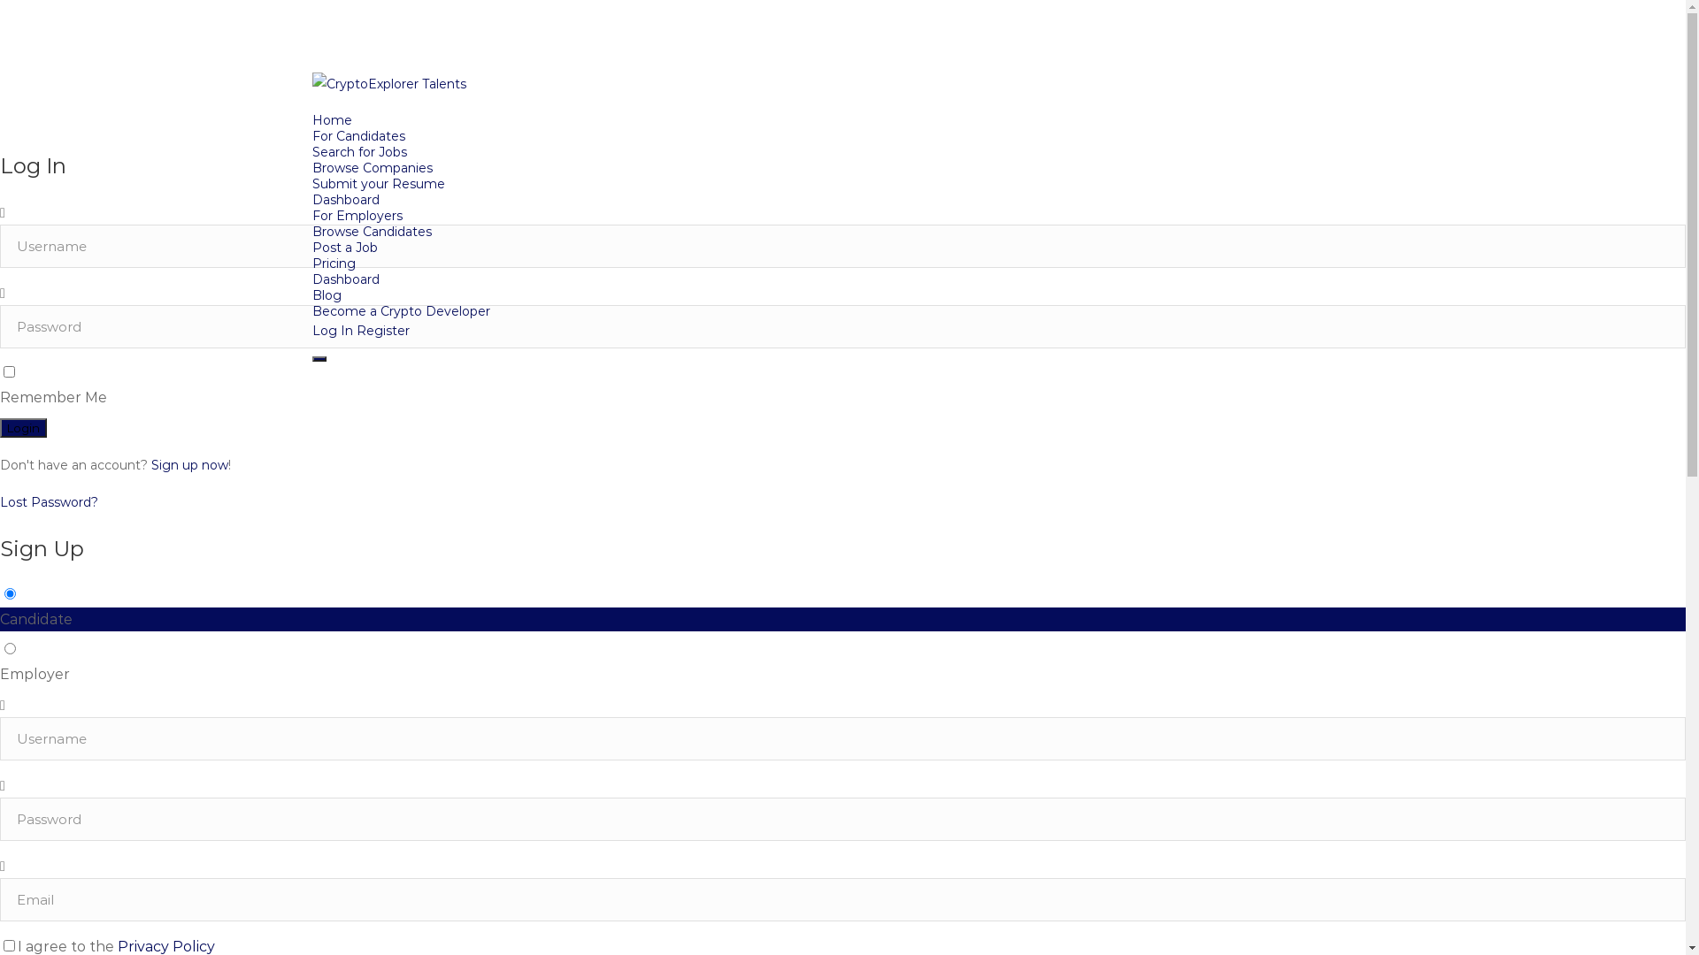 This screenshot has height=955, width=1699. What do you see at coordinates (311, 263) in the screenshot?
I see `'Pricing'` at bounding box center [311, 263].